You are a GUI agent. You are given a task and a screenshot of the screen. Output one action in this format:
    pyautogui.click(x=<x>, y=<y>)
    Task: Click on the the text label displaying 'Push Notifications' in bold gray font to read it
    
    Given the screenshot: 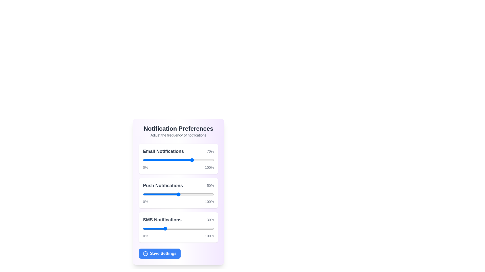 What is the action you would take?
    pyautogui.click(x=163, y=185)
    